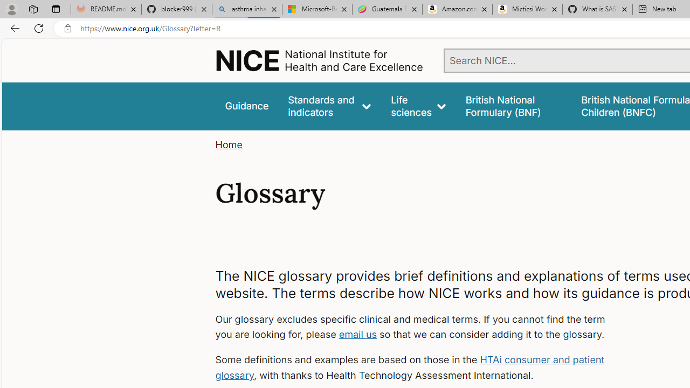 Image resolution: width=690 pixels, height=388 pixels. What do you see at coordinates (228, 144) in the screenshot?
I see `'Home'` at bounding box center [228, 144].